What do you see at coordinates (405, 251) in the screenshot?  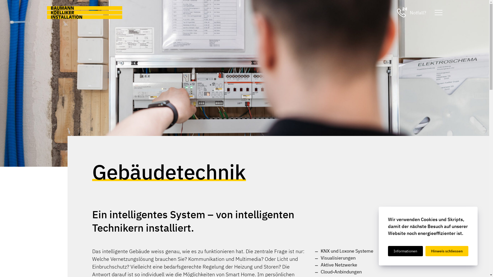 I see `'Informationen'` at bounding box center [405, 251].